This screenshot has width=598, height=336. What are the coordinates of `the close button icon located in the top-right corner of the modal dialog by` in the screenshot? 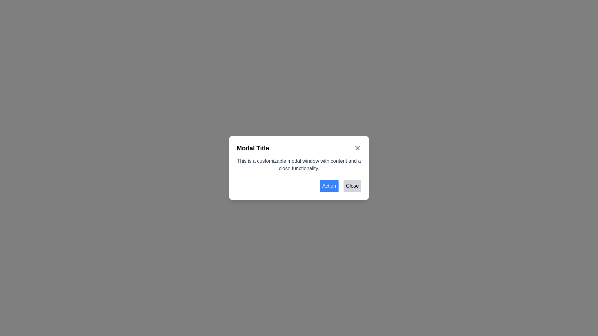 It's located at (357, 148).